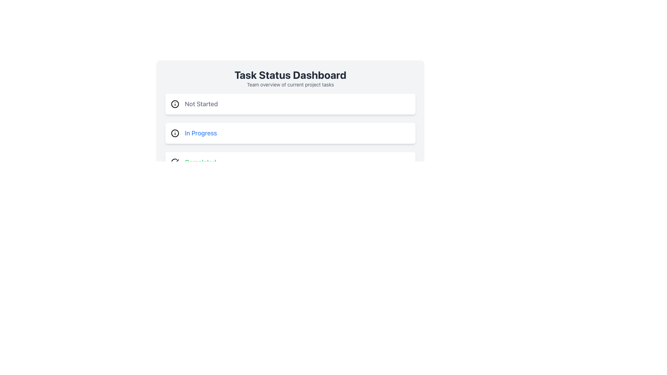  What do you see at coordinates (175, 221) in the screenshot?
I see `the SVG Circle element, which is part of a visual indicator or control located in the bottom portion of the application's layout` at bounding box center [175, 221].